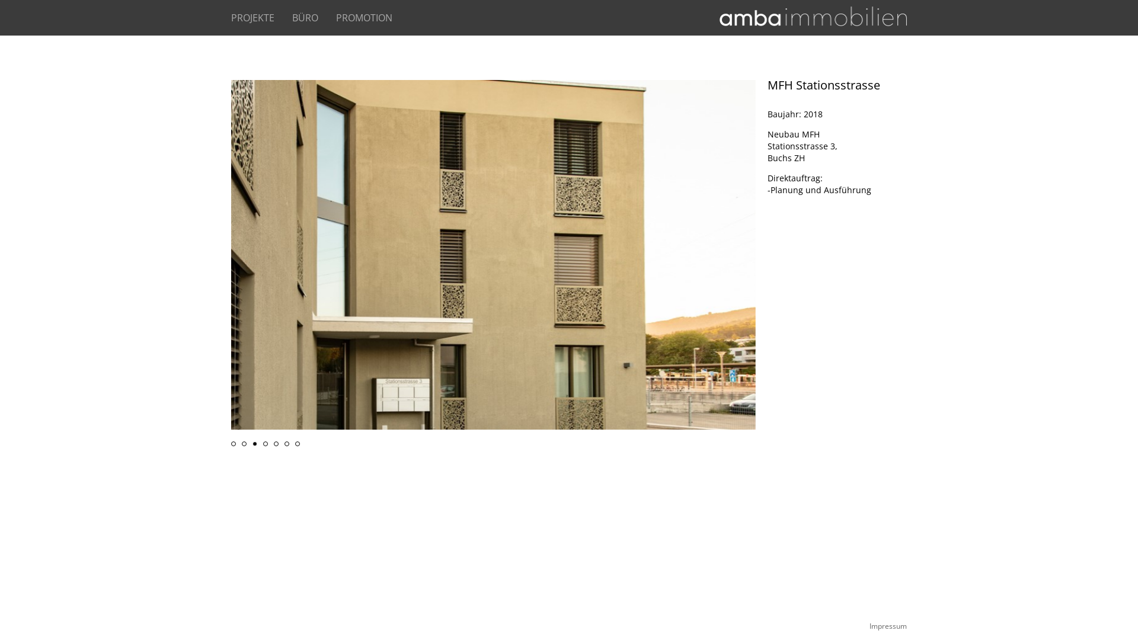  I want to click on 'Impressum', so click(888, 625).